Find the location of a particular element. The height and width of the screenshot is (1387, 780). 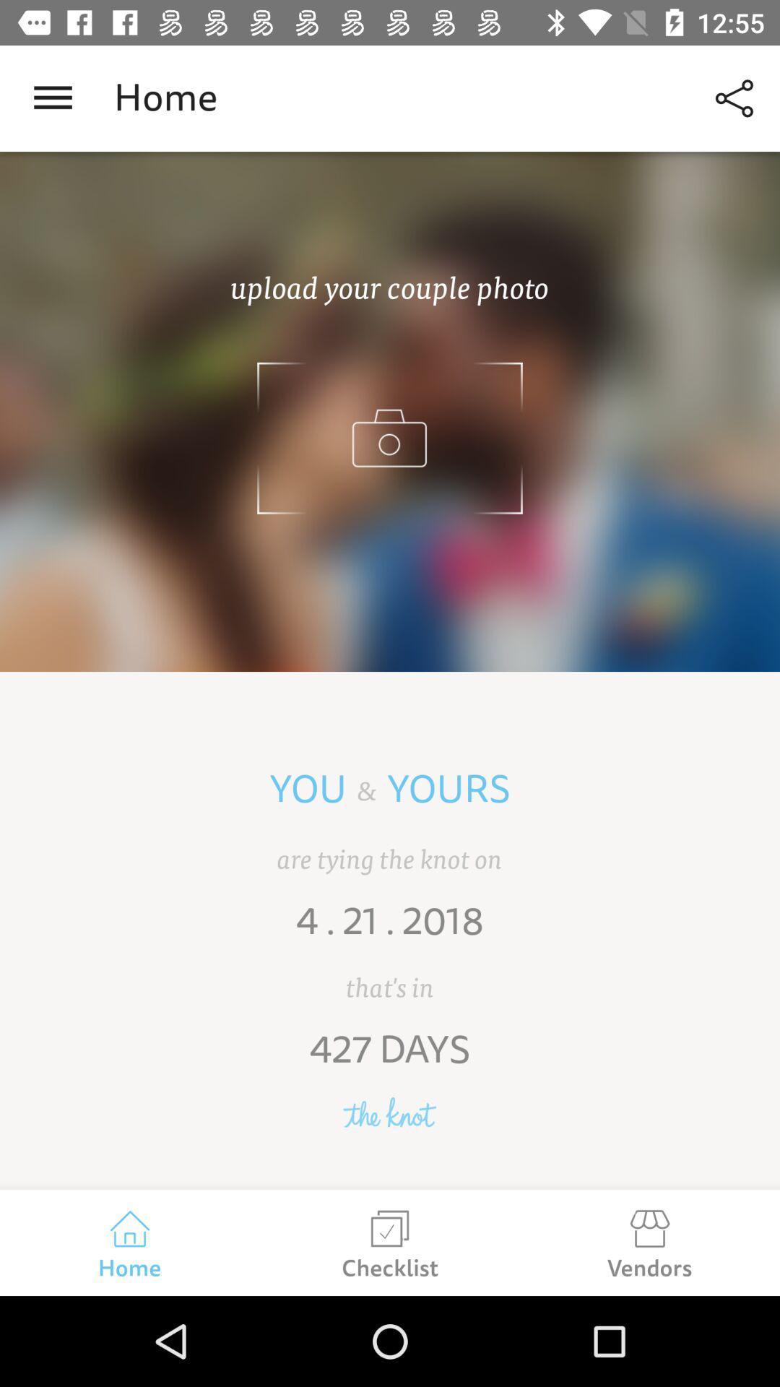

upload photo is located at coordinates (390, 411).